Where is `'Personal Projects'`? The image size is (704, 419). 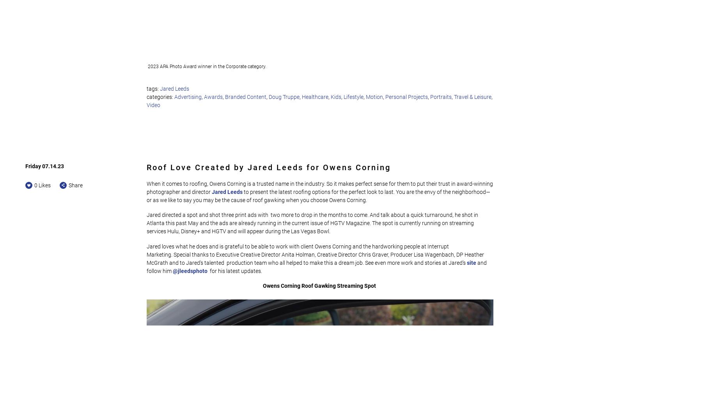 'Personal Projects' is located at coordinates (406, 97).